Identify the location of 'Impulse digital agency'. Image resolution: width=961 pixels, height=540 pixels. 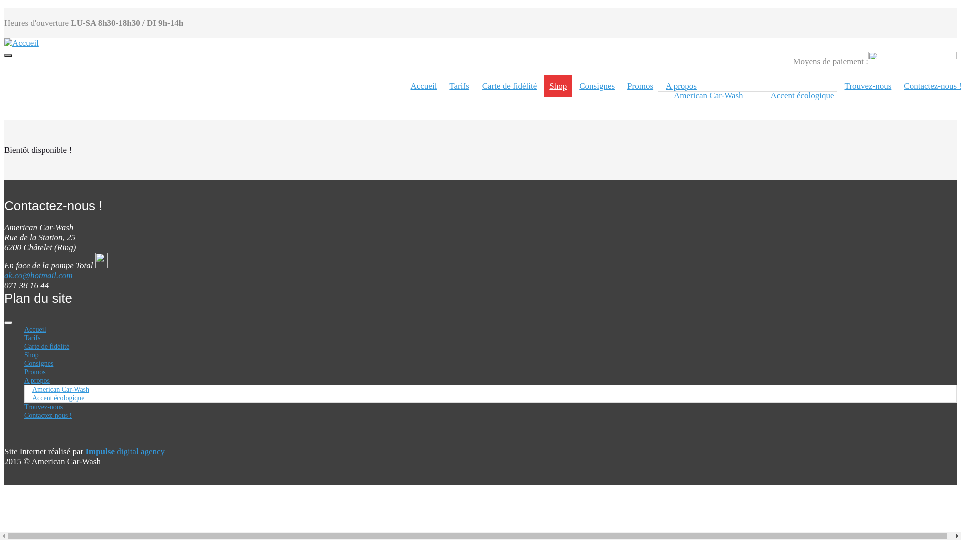
(85, 451).